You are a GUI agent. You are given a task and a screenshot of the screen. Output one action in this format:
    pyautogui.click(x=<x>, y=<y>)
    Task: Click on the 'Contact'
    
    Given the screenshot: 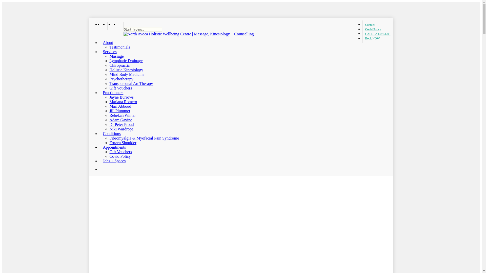 What is the action you would take?
    pyautogui.click(x=370, y=25)
    